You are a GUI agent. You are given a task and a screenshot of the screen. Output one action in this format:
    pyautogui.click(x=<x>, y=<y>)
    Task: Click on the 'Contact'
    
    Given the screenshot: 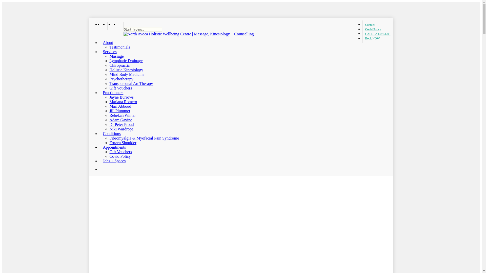 What is the action you would take?
    pyautogui.click(x=370, y=25)
    